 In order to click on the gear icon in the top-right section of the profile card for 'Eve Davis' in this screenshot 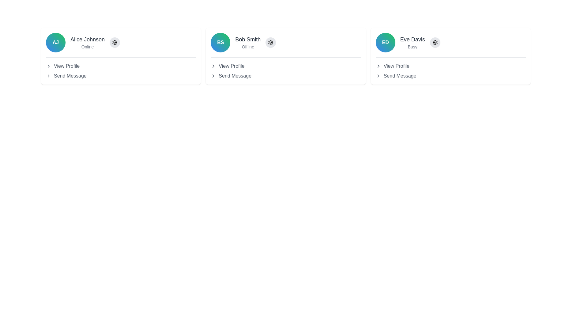, I will do `click(435, 42)`.